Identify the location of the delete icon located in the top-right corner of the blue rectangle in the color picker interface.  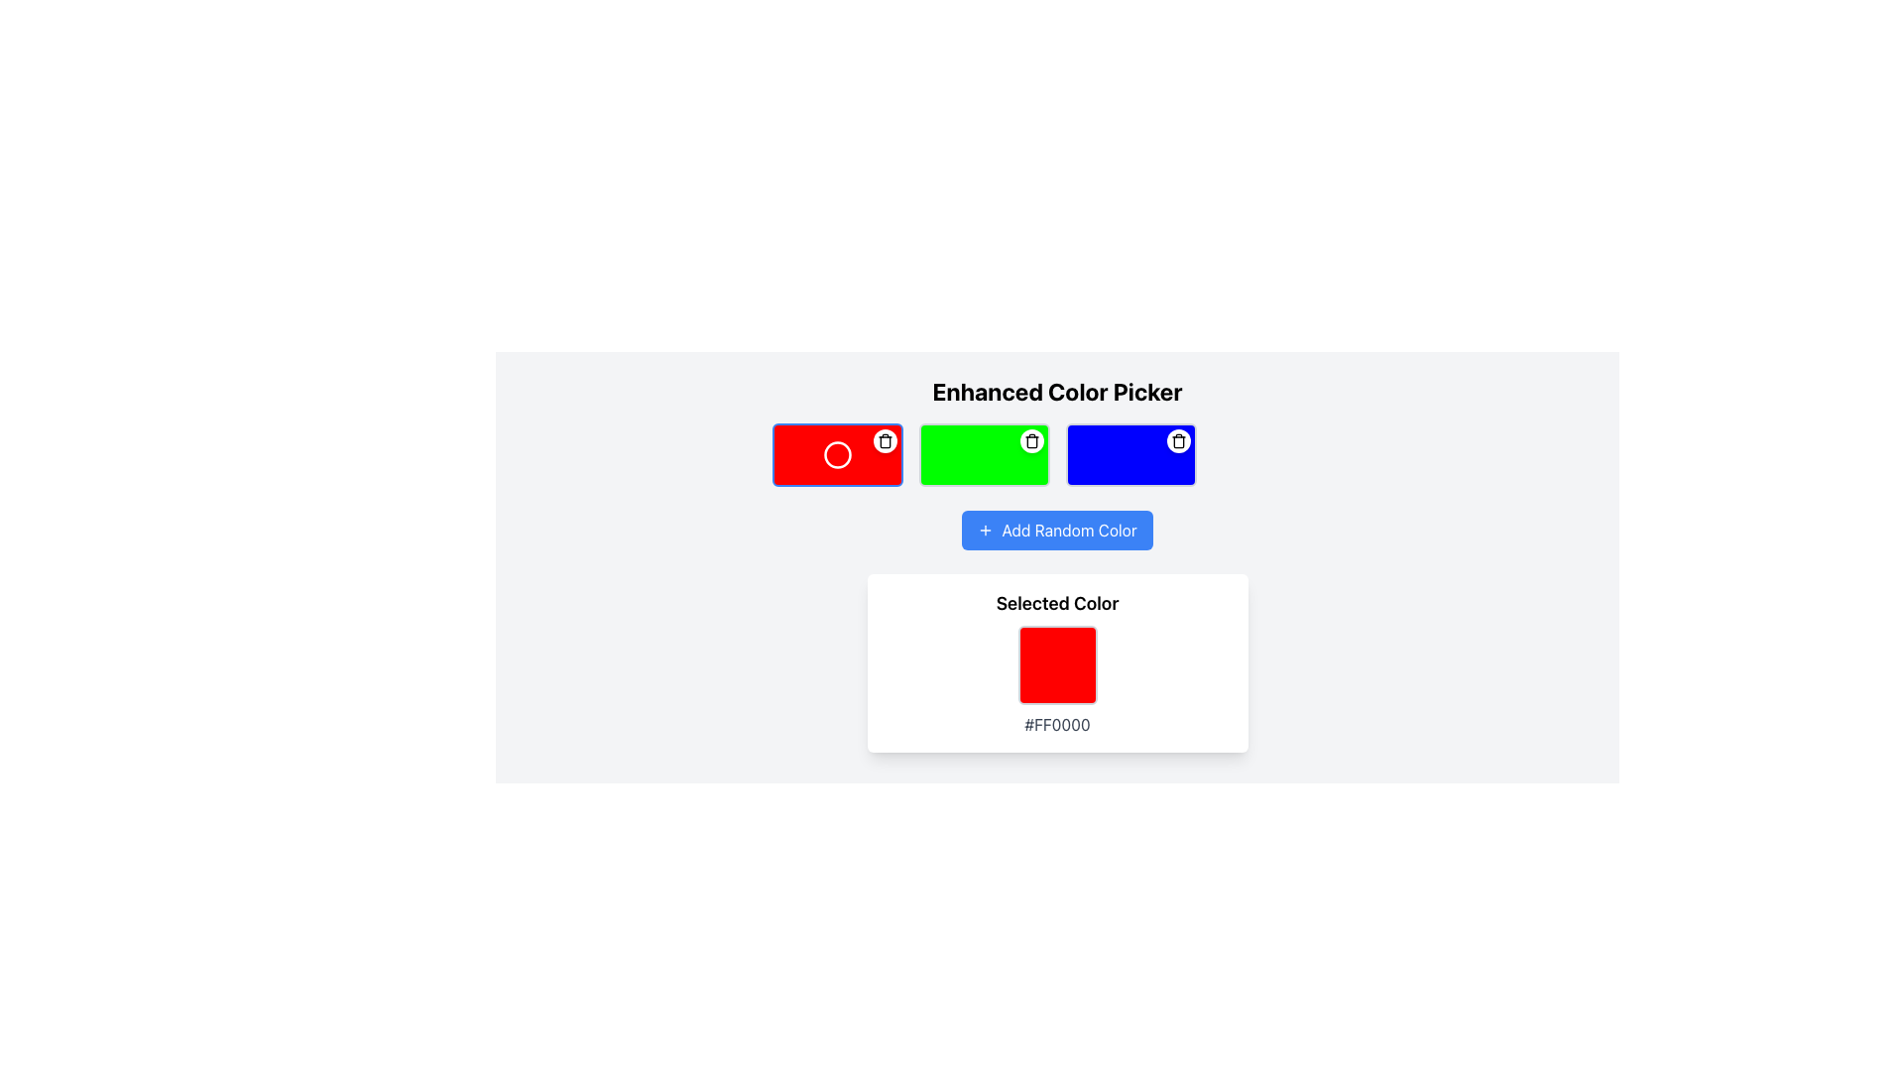
(1178, 439).